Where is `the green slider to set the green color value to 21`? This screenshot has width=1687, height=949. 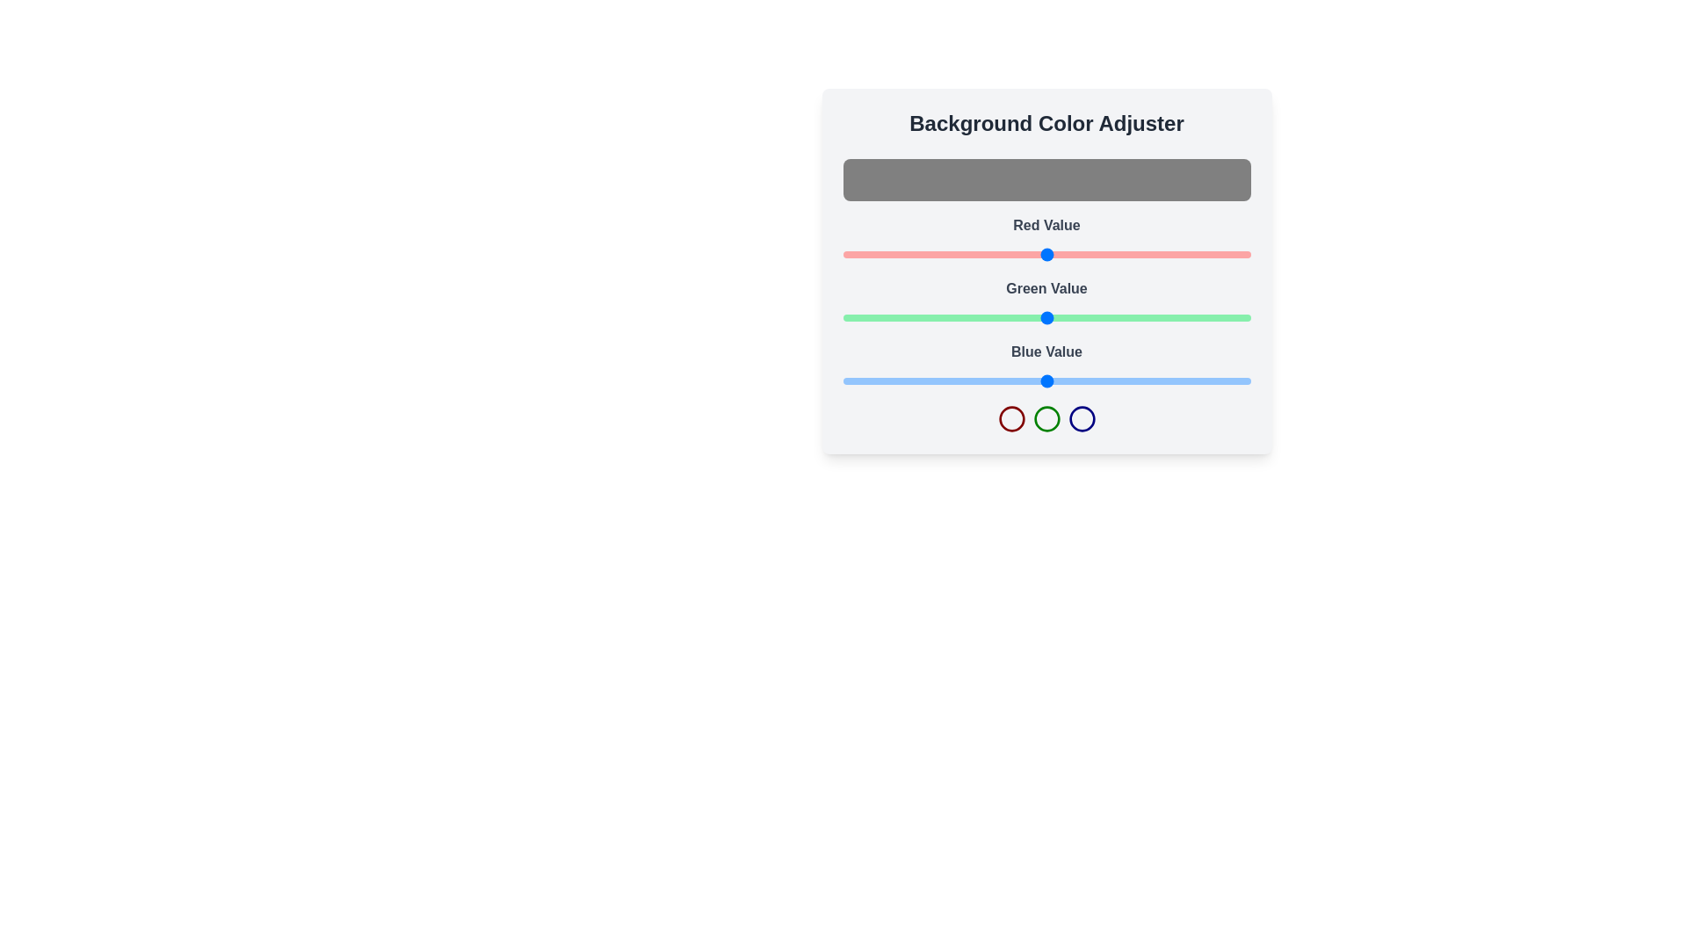 the green slider to set the green color value to 21 is located at coordinates (876, 318).